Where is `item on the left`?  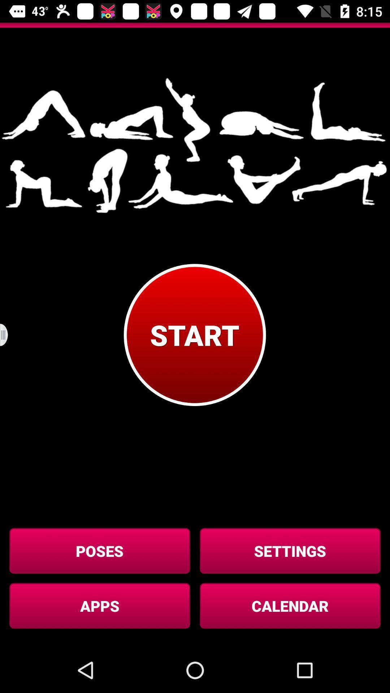
item on the left is located at coordinates (8, 335).